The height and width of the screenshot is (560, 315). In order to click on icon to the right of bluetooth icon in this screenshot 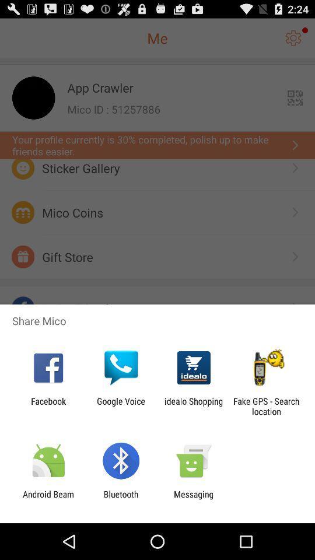, I will do `click(194, 499)`.